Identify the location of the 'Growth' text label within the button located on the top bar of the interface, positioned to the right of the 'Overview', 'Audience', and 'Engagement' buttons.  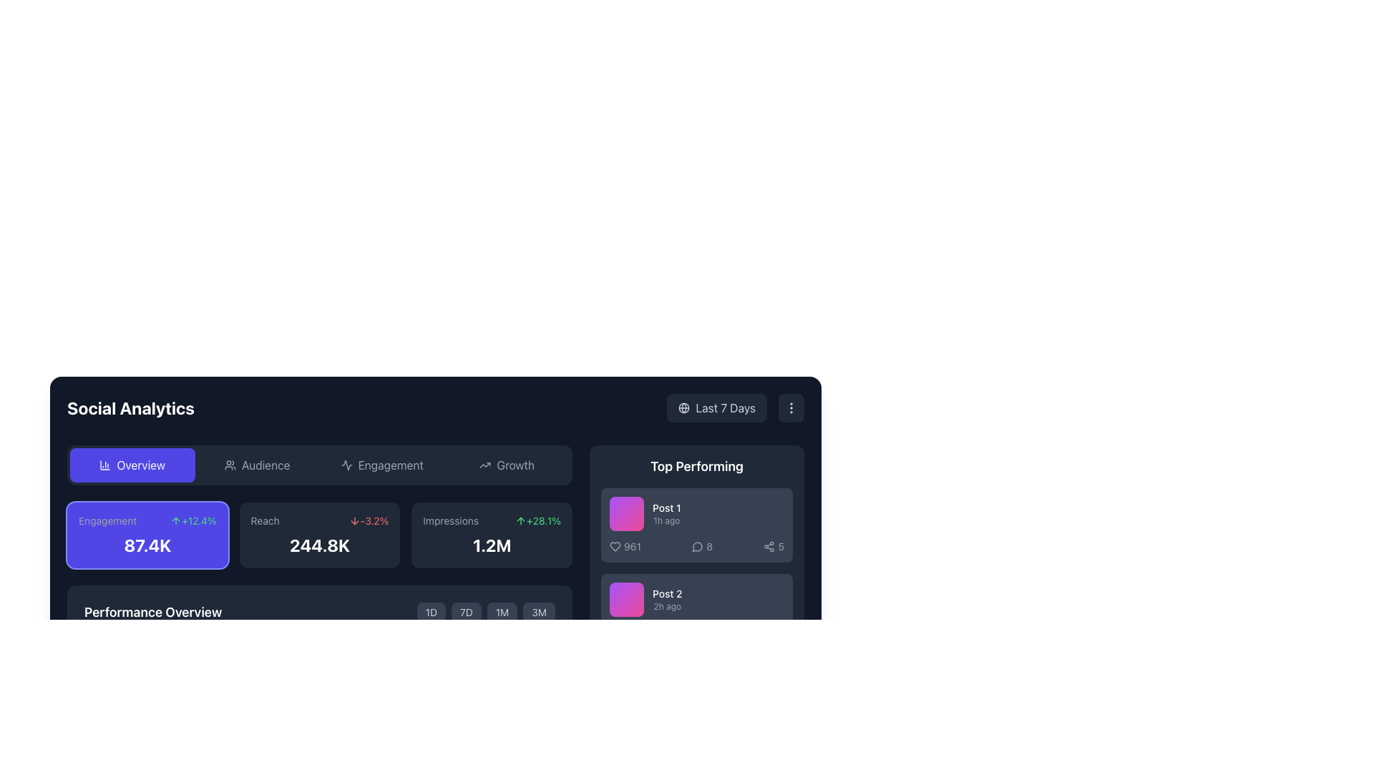
(515, 465).